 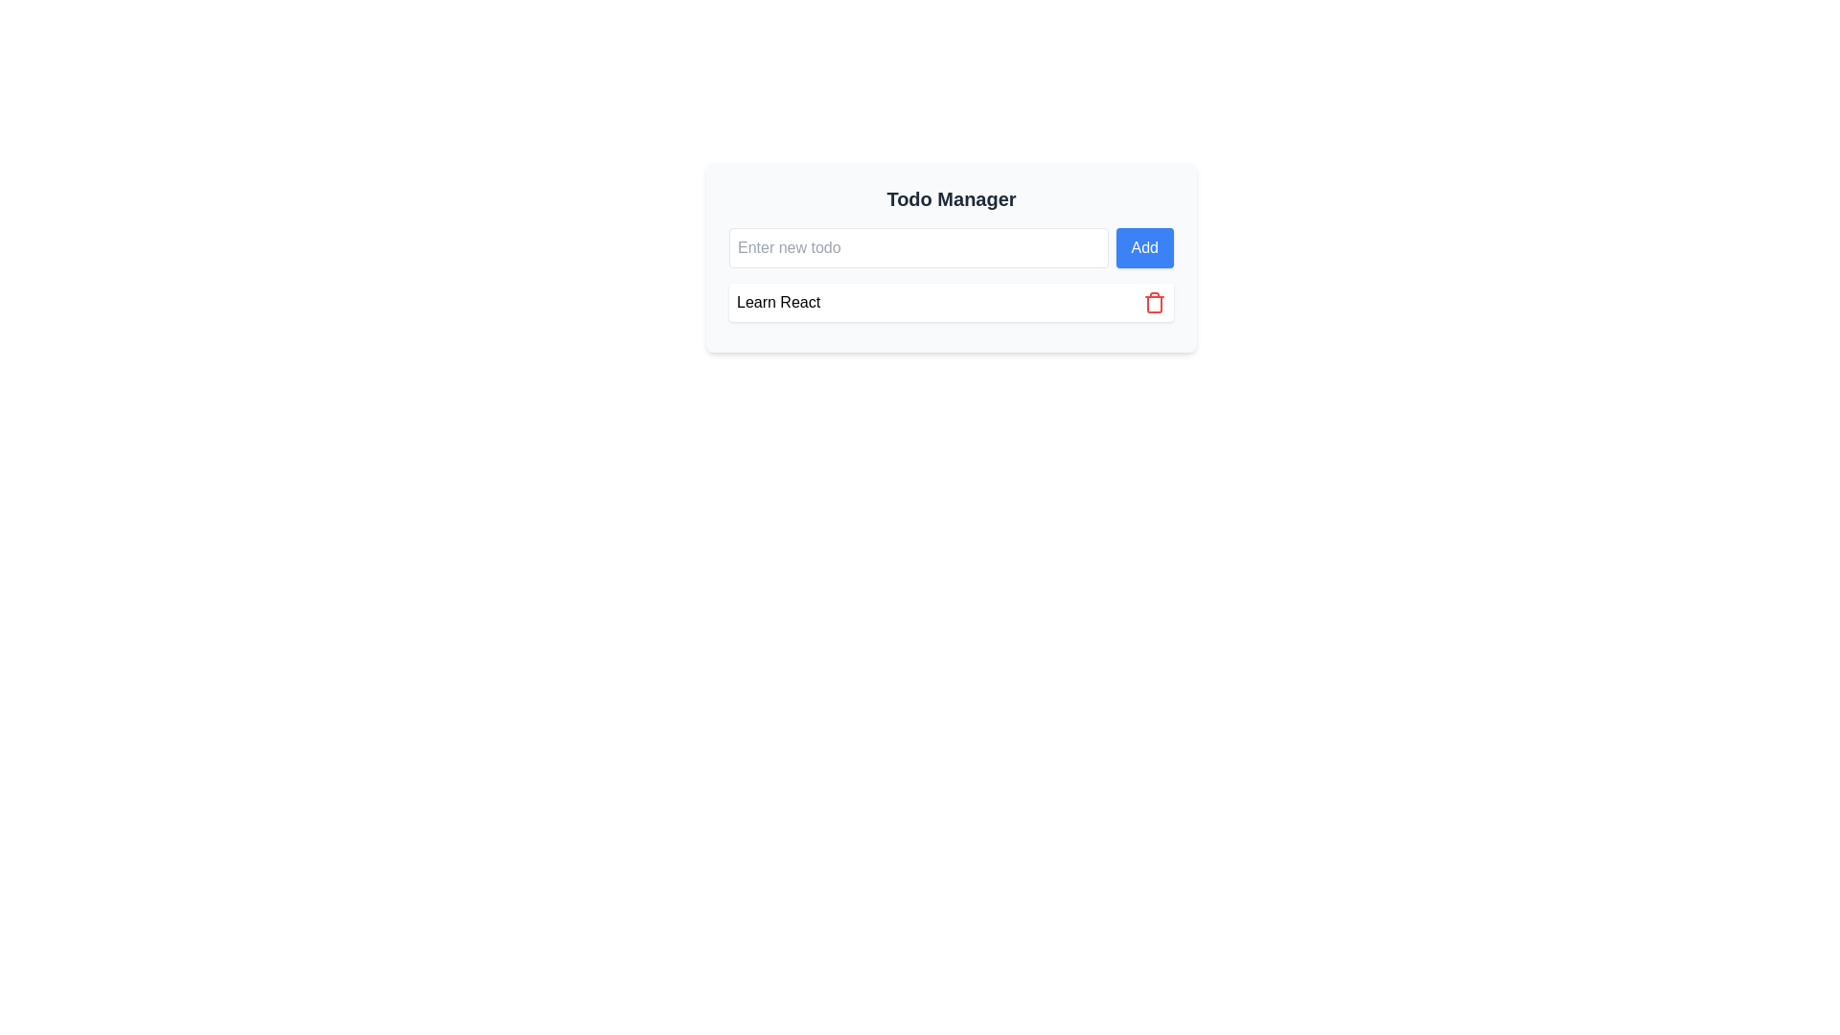 What do you see at coordinates (1153, 302) in the screenshot?
I see `the trashcan icon with a red color scheme located in the rightmost segment of the row containing the text 'Learn React'` at bounding box center [1153, 302].